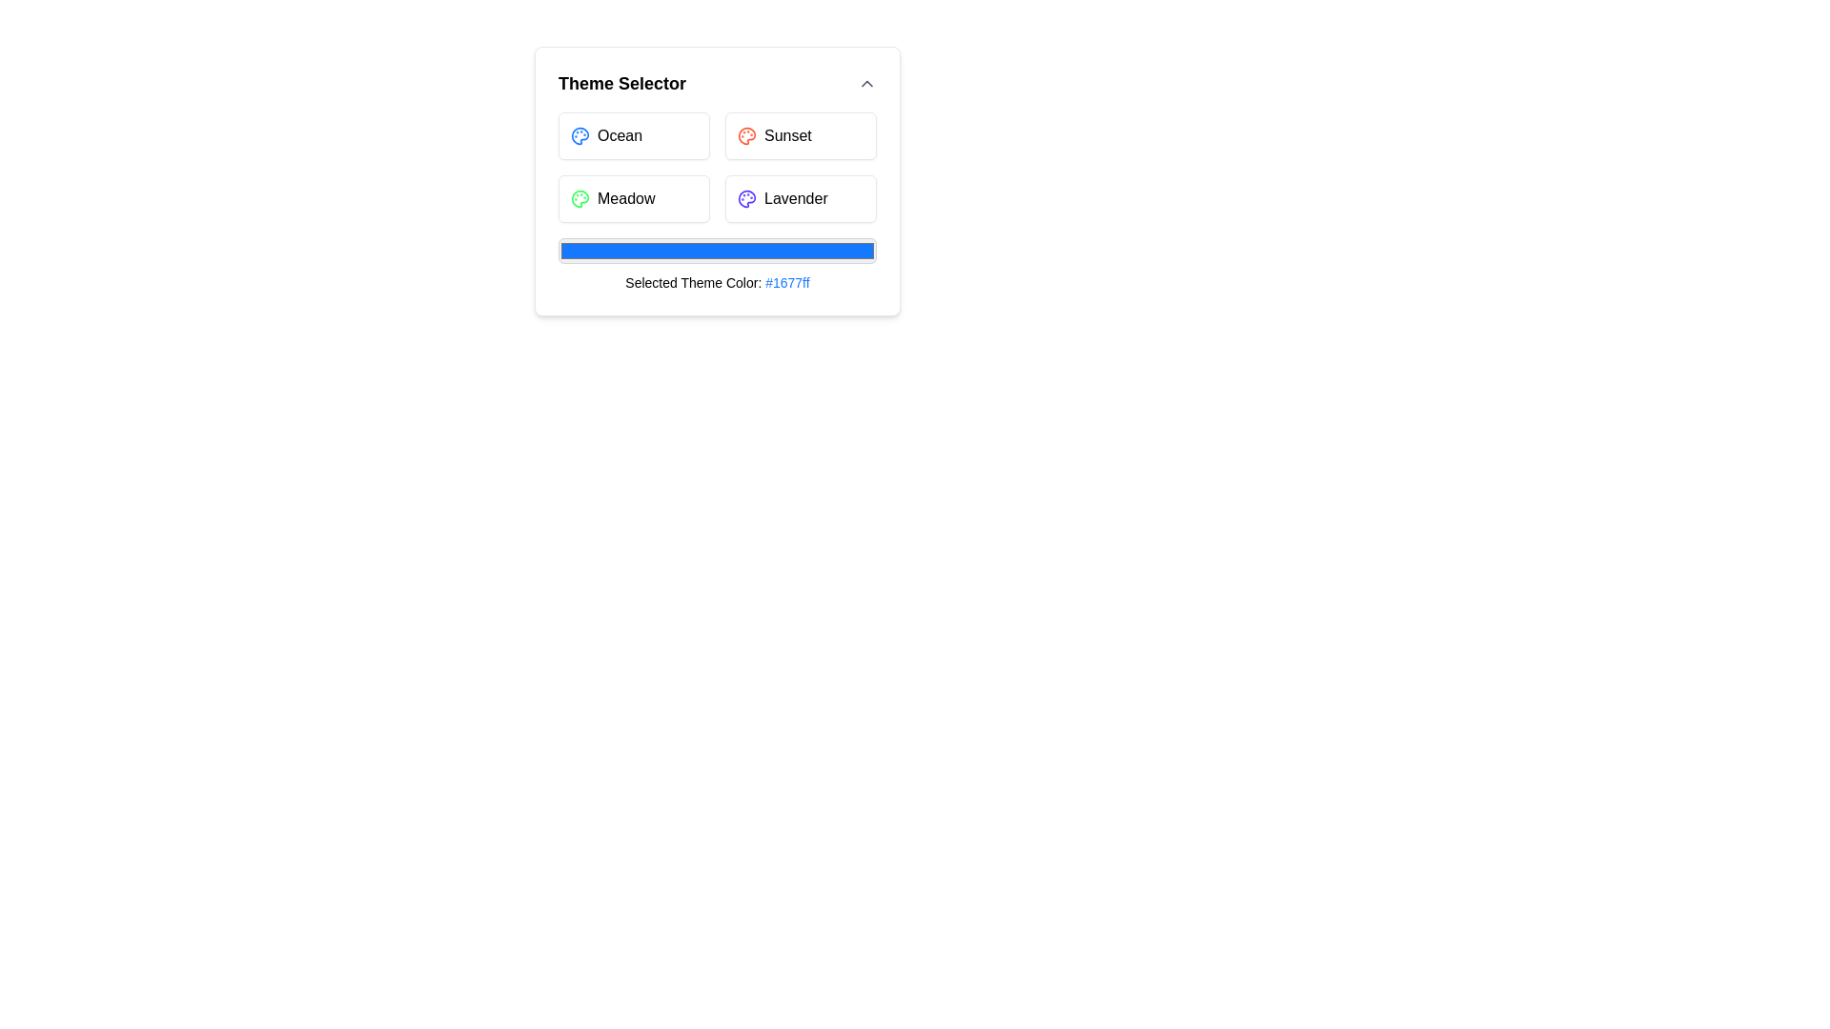  What do you see at coordinates (787, 283) in the screenshot?
I see `color code value displayed as '#1677ff' in blue color, which is part of the theme selector module below the horizontal blue bar and theme selection buttons` at bounding box center [787, 283].